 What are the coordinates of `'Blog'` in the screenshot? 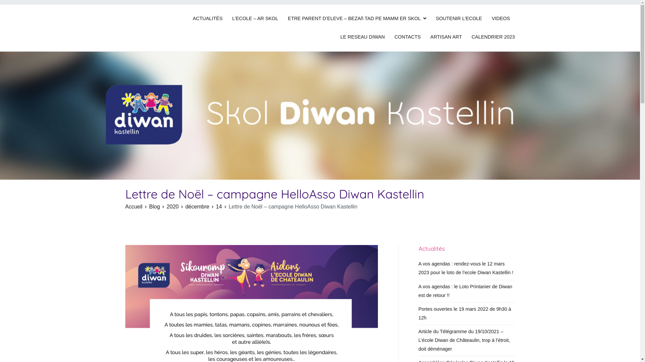 It's located at (154, 206).